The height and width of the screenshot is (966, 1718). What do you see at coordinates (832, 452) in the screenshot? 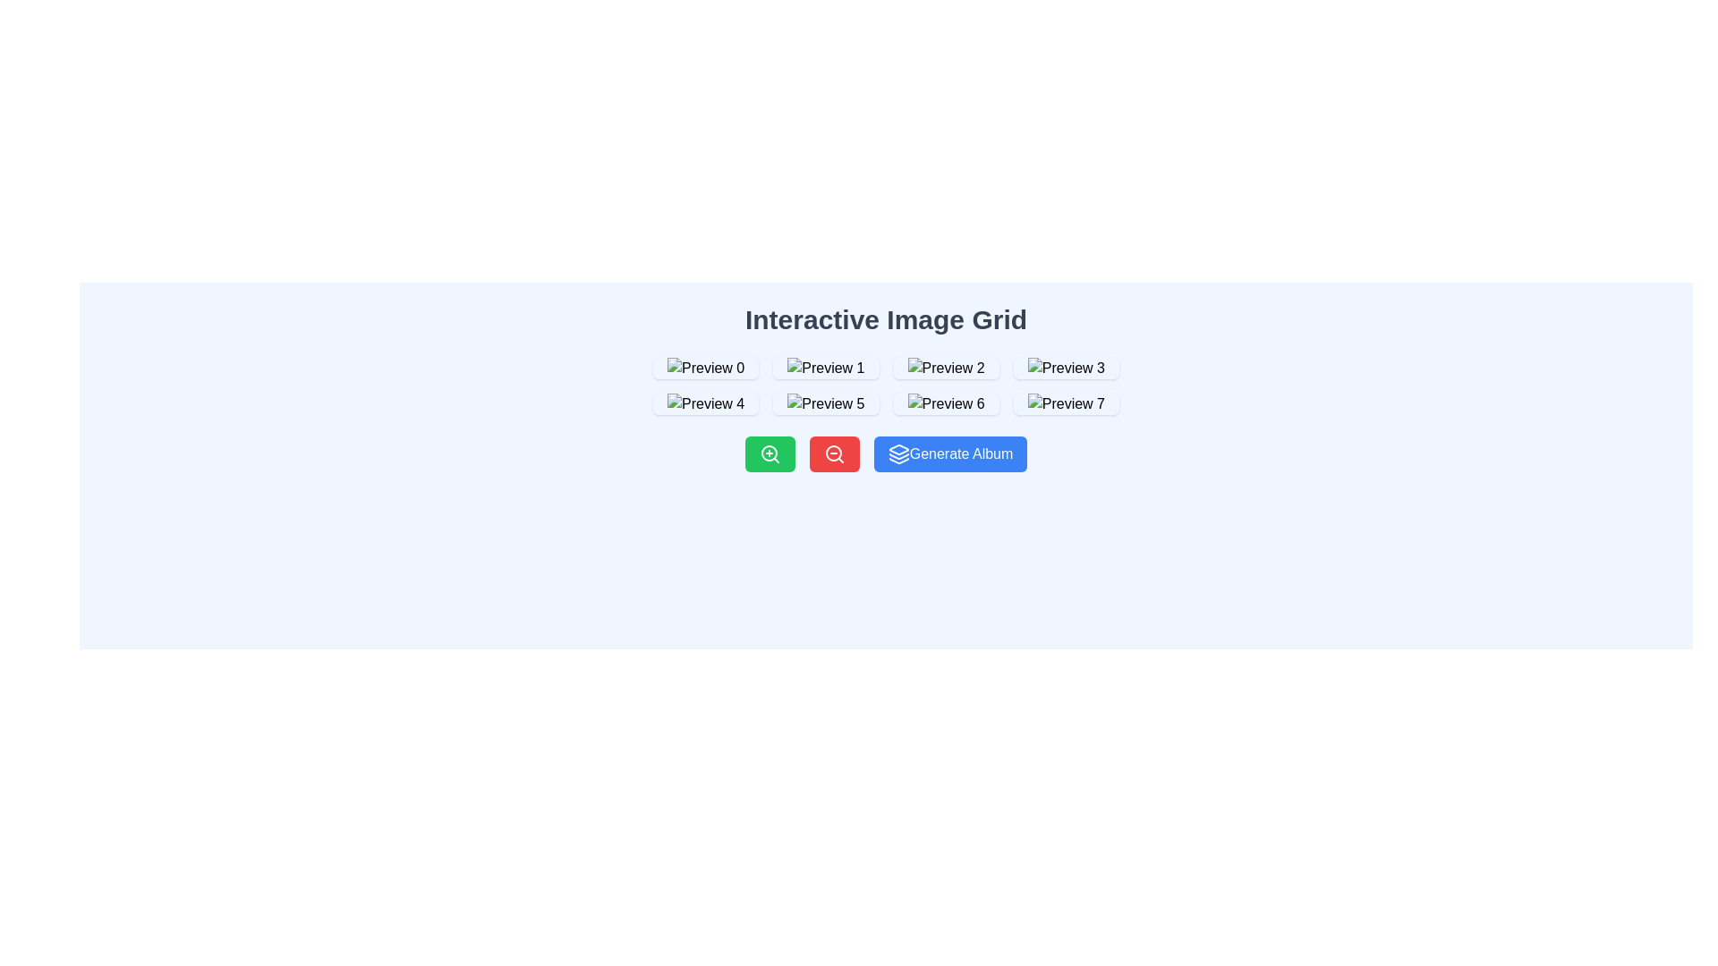
I see `the central SVG circle element of the magnifying glass icon to activate the zooming function` at bounding box center [832, 452].